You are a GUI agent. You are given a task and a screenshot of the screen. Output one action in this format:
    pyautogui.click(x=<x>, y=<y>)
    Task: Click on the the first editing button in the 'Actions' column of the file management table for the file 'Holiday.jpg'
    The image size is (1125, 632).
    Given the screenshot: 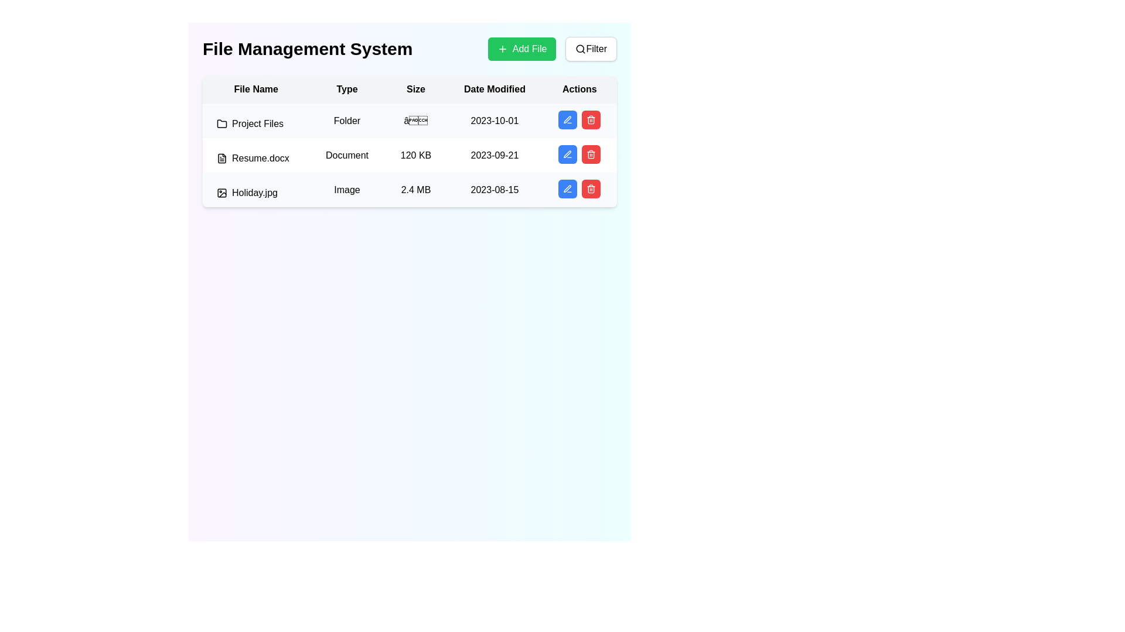 What is the action you would take?
    pyautogui.click(x=568, y=188)
    